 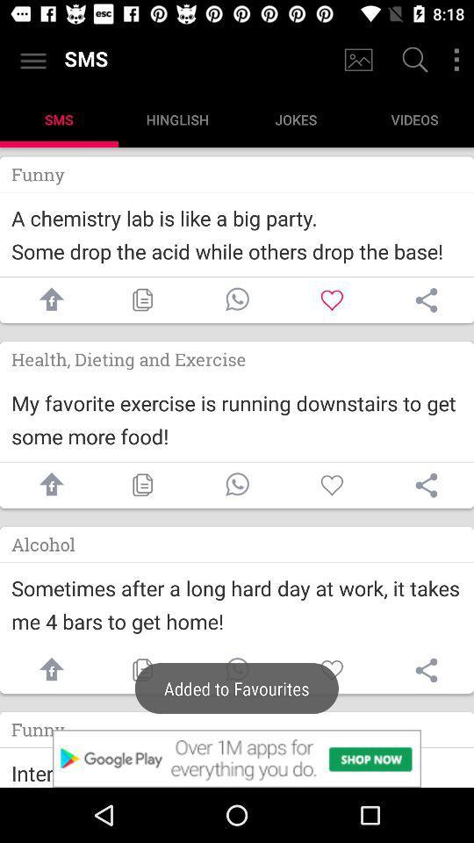 I want to click on like button, so click(x=332, y=299).